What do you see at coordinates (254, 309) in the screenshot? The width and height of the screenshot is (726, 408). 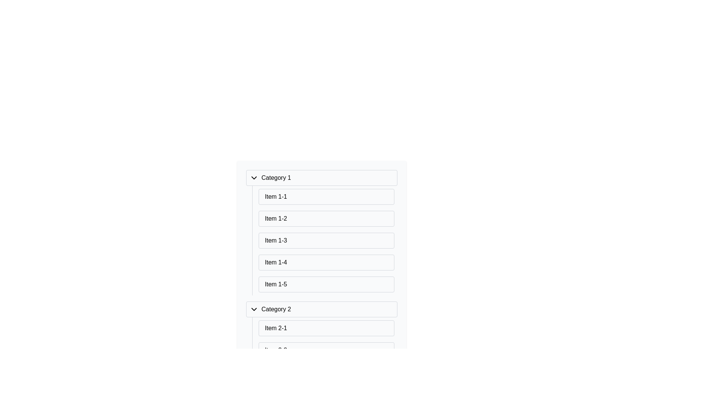 I see `the Dropdown toggle icon` at bounding box center [254, 309].